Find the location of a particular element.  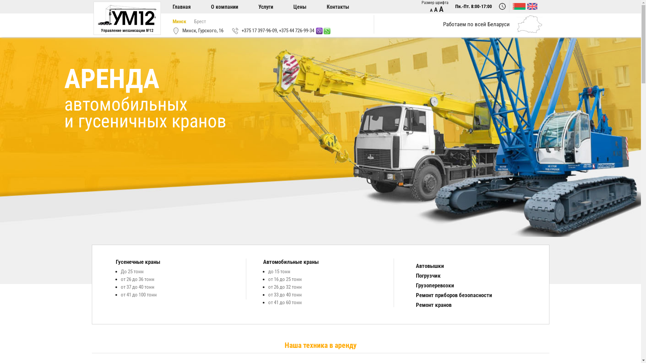

'A' is located at coordinates (436, 9).